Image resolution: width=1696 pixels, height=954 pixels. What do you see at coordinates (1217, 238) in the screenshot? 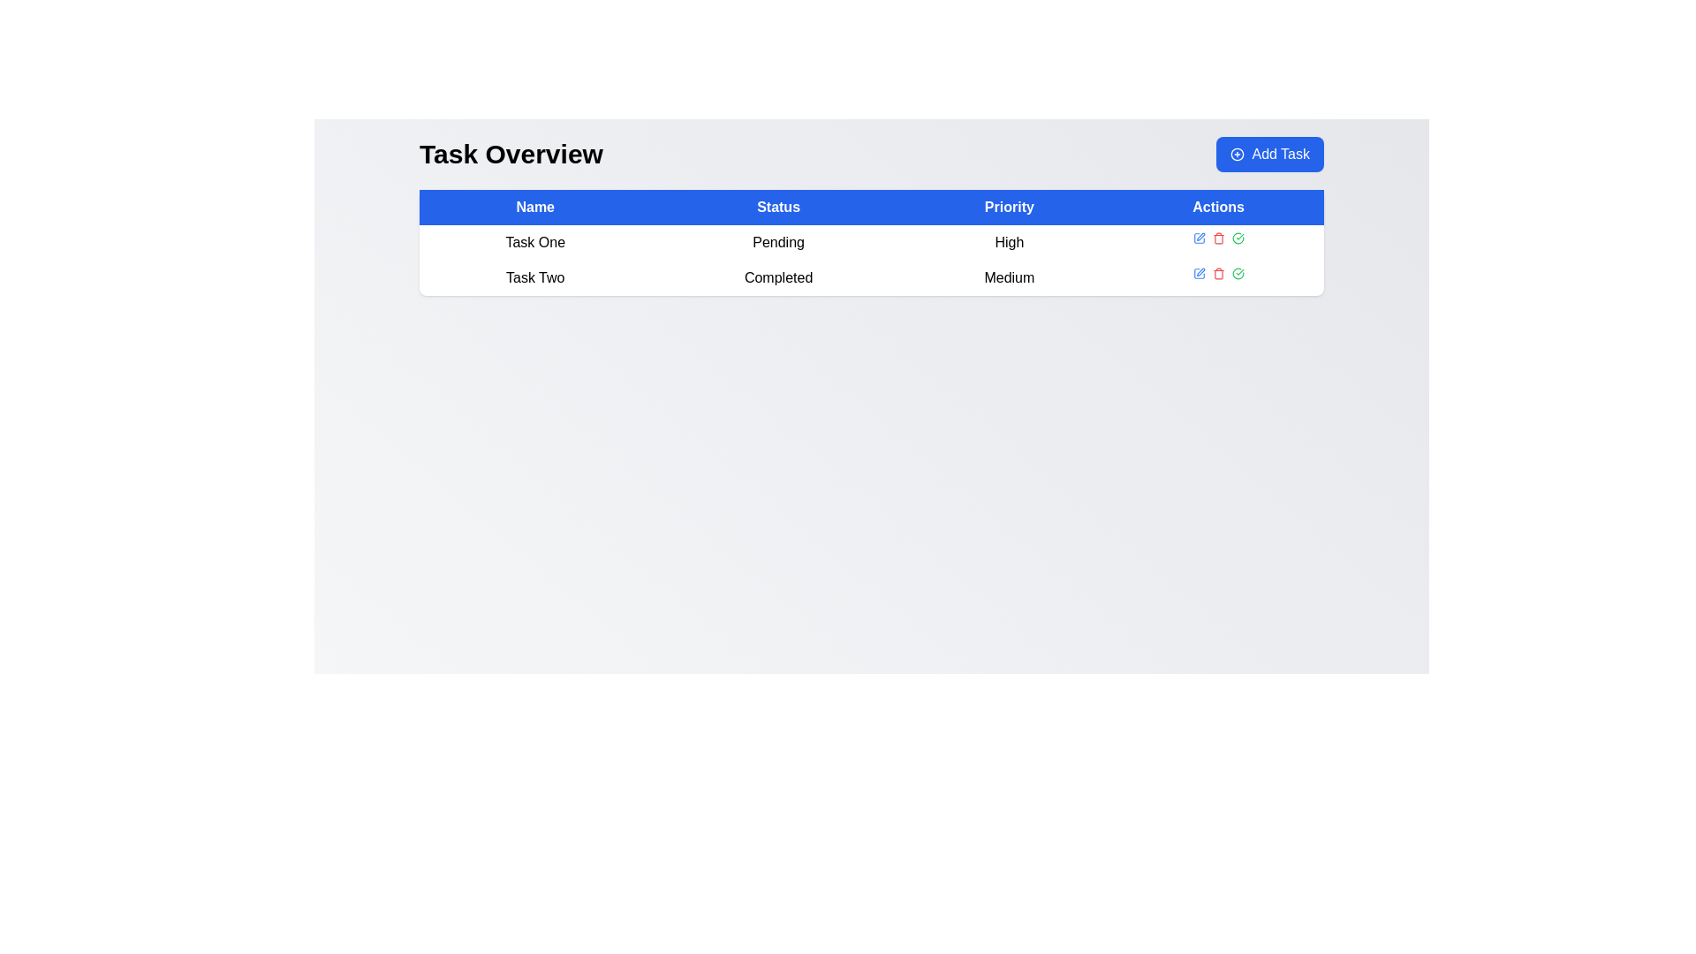
I see `the delete icon located in the 'Actions' column of the first row in the table` at bounding box center [1217, 238].